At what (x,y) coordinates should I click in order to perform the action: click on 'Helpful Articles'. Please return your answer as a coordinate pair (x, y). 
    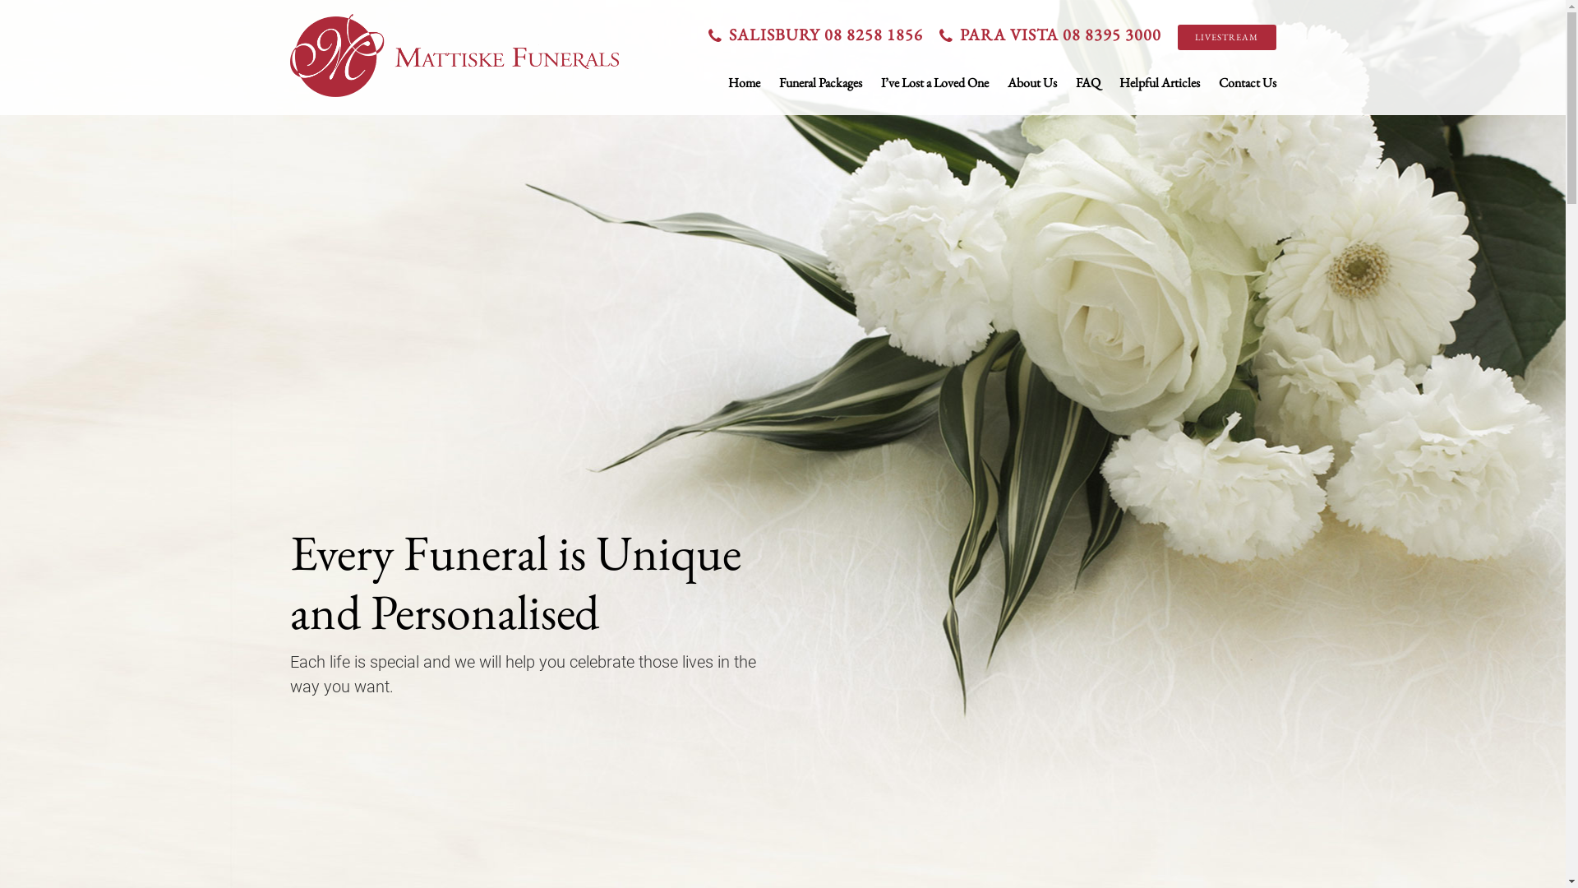
    Looking at the image, I should click on (1159, 82).